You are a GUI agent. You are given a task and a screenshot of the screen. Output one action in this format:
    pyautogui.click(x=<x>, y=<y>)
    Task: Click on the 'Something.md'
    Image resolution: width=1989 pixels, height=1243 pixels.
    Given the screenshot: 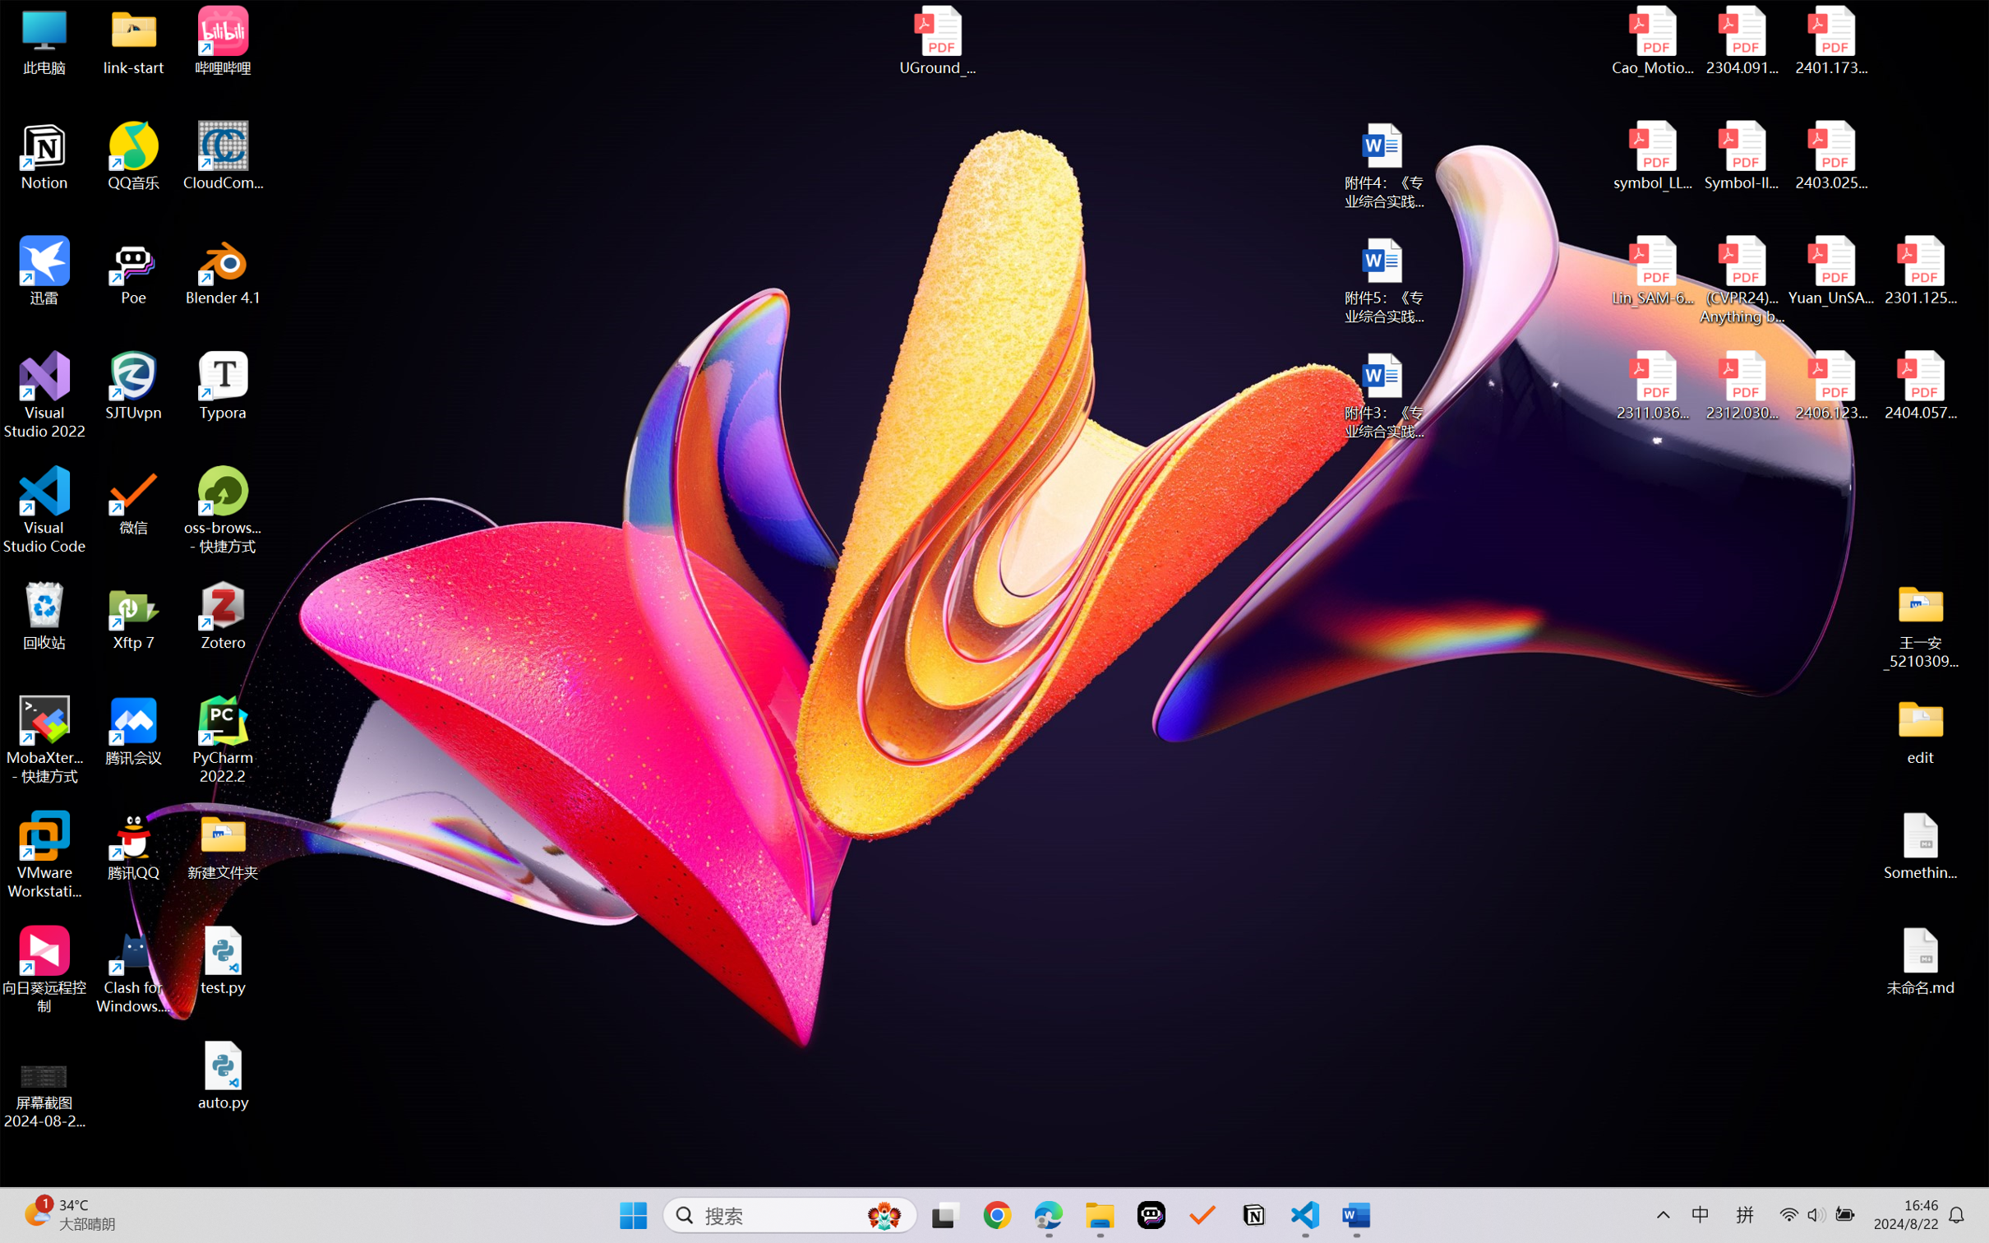 What is the action you would take?
    pyautogui.click(x=1919, y=846)
    